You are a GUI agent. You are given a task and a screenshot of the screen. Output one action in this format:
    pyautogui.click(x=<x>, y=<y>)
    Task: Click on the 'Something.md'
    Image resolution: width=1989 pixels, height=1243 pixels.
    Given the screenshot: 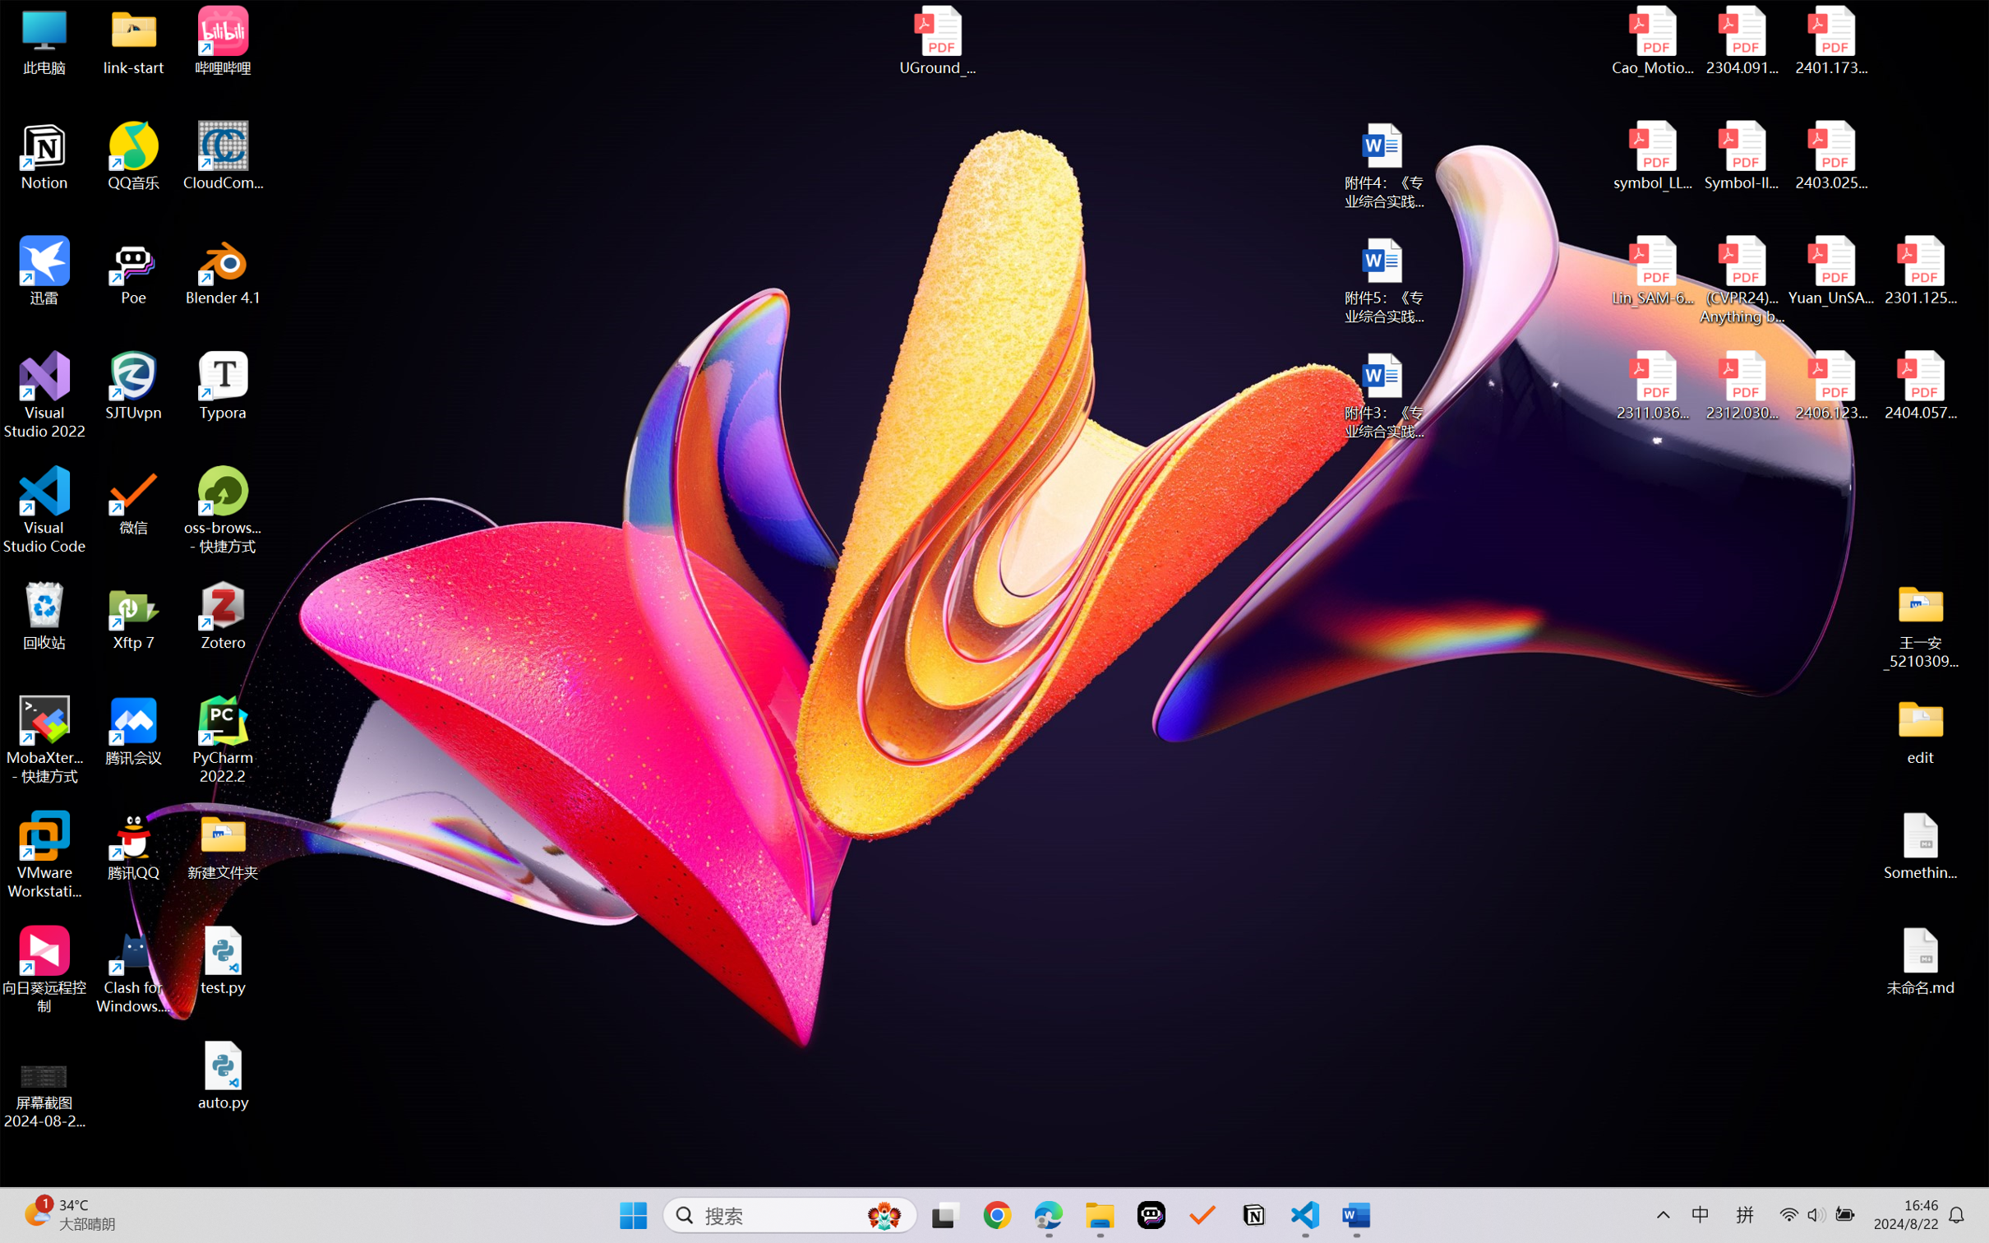 What is the action you would take?
    pyautogui.click(x=1919, y=846)
    